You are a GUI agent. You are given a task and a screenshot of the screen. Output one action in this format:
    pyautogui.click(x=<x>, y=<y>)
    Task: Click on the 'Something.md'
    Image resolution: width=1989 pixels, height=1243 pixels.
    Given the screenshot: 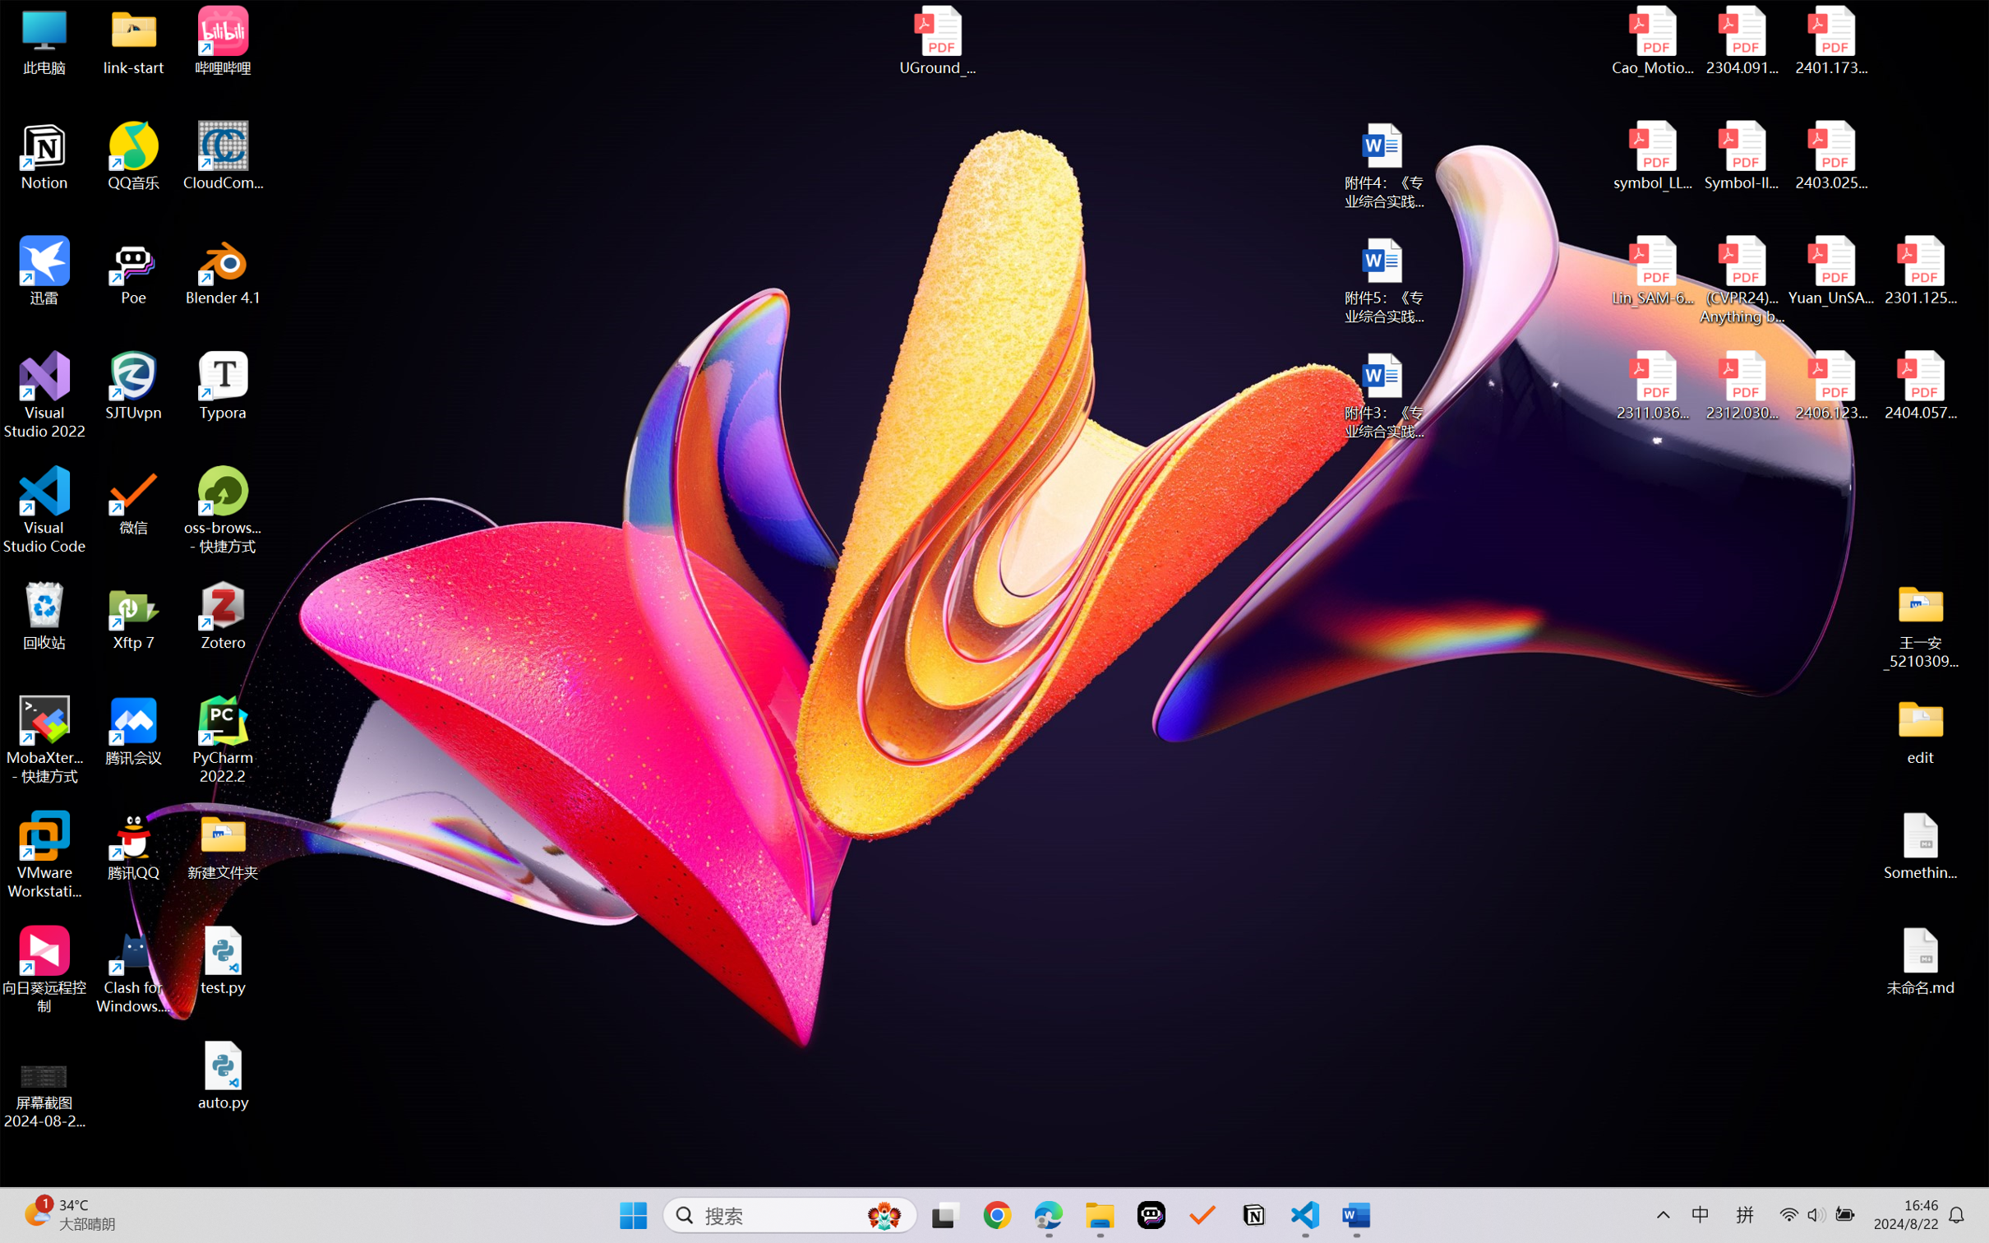 What is the action you would take?
    pyautogui.click(x=1919, y=846)
    